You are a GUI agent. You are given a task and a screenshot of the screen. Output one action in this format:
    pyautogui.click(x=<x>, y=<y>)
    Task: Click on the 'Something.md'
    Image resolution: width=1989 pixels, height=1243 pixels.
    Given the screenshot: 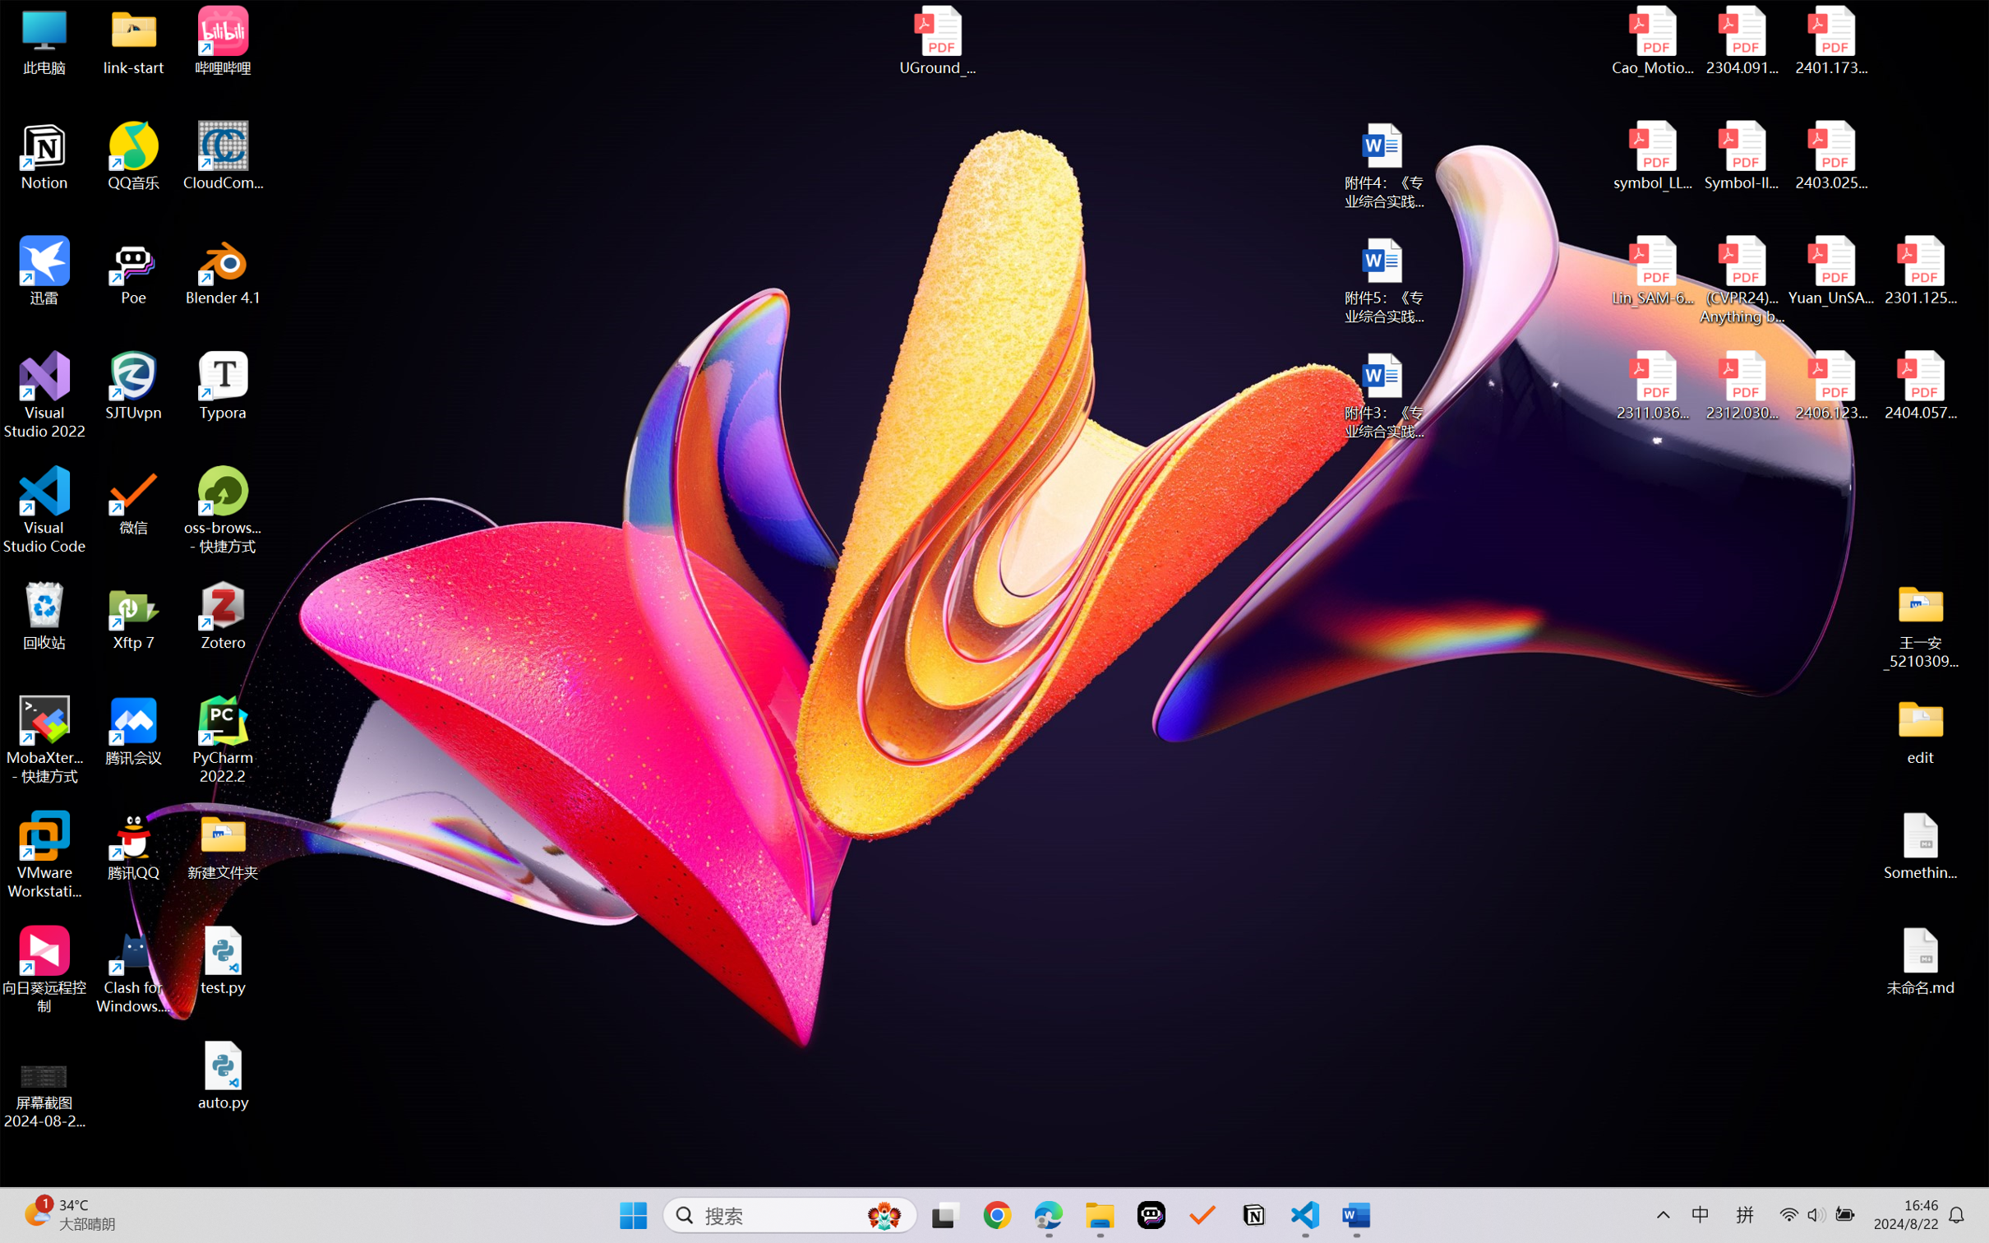 What is the action you would take?
    pyautogui.click(x=1919, y=846)
    